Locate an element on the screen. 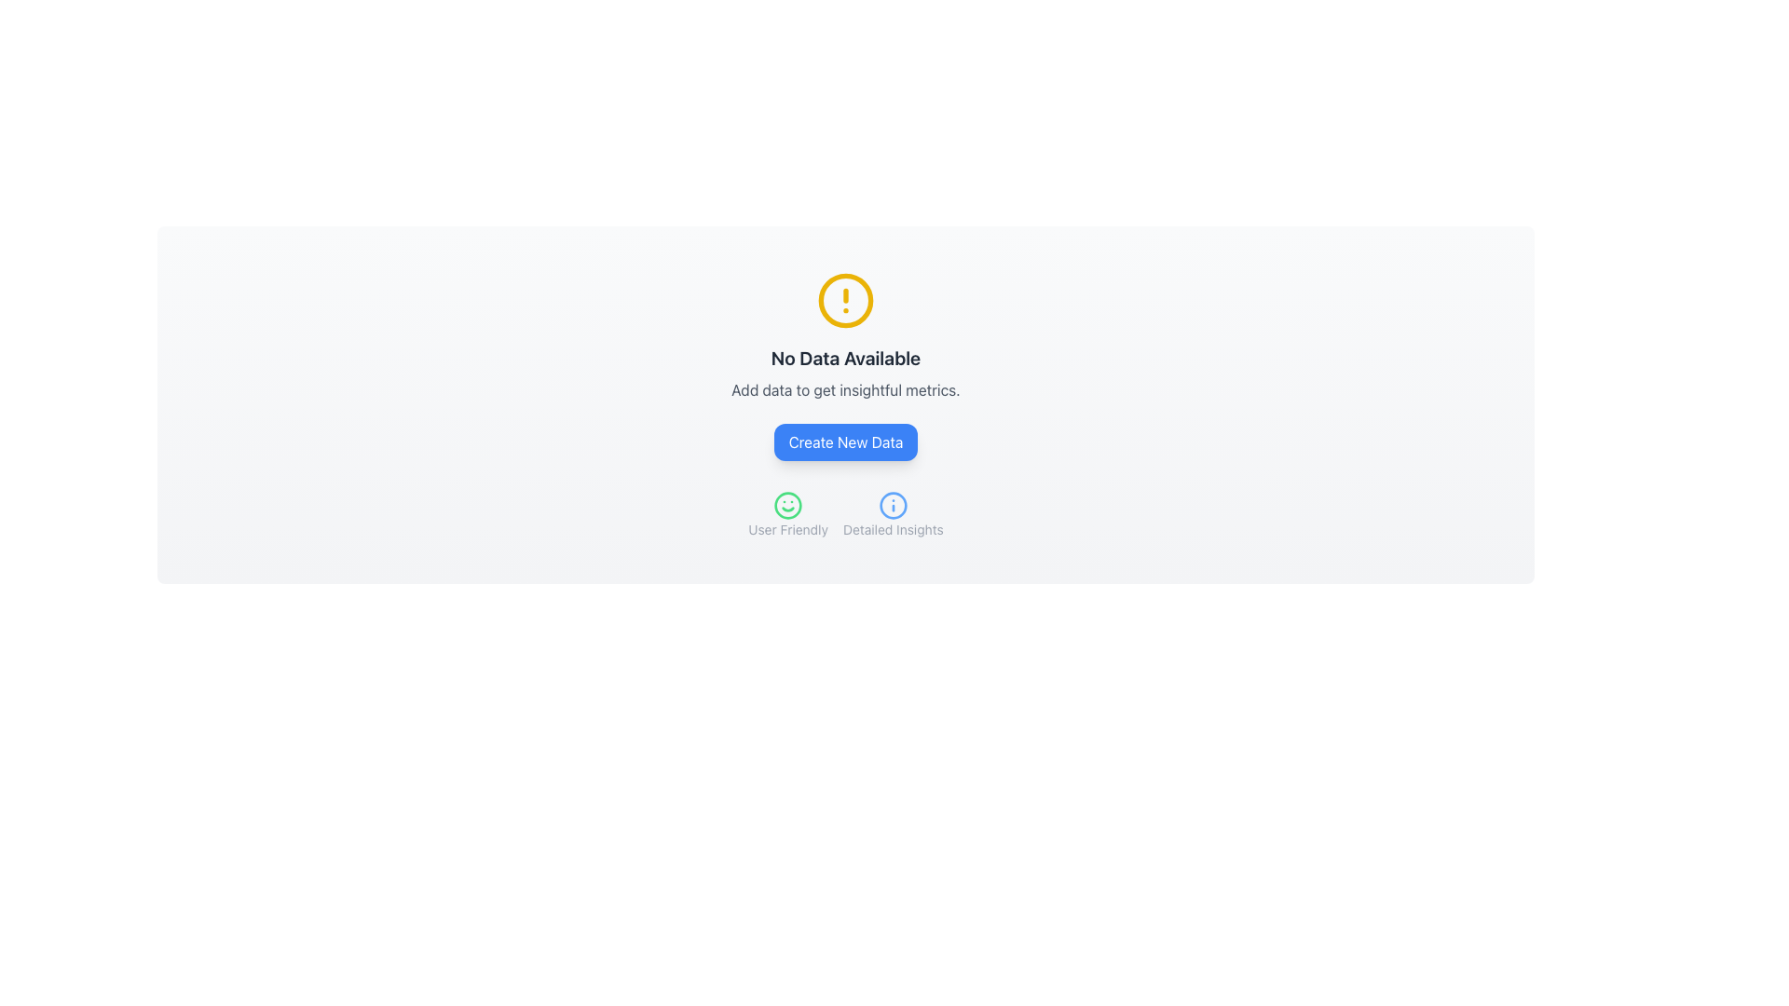 The height and width of the screenshot is (1006, 1789). the meaning of the circular icon with a yellow border and an exclamation mark in the center, positioned above the text 'No Data Available' is located at coordinates (844, 300).